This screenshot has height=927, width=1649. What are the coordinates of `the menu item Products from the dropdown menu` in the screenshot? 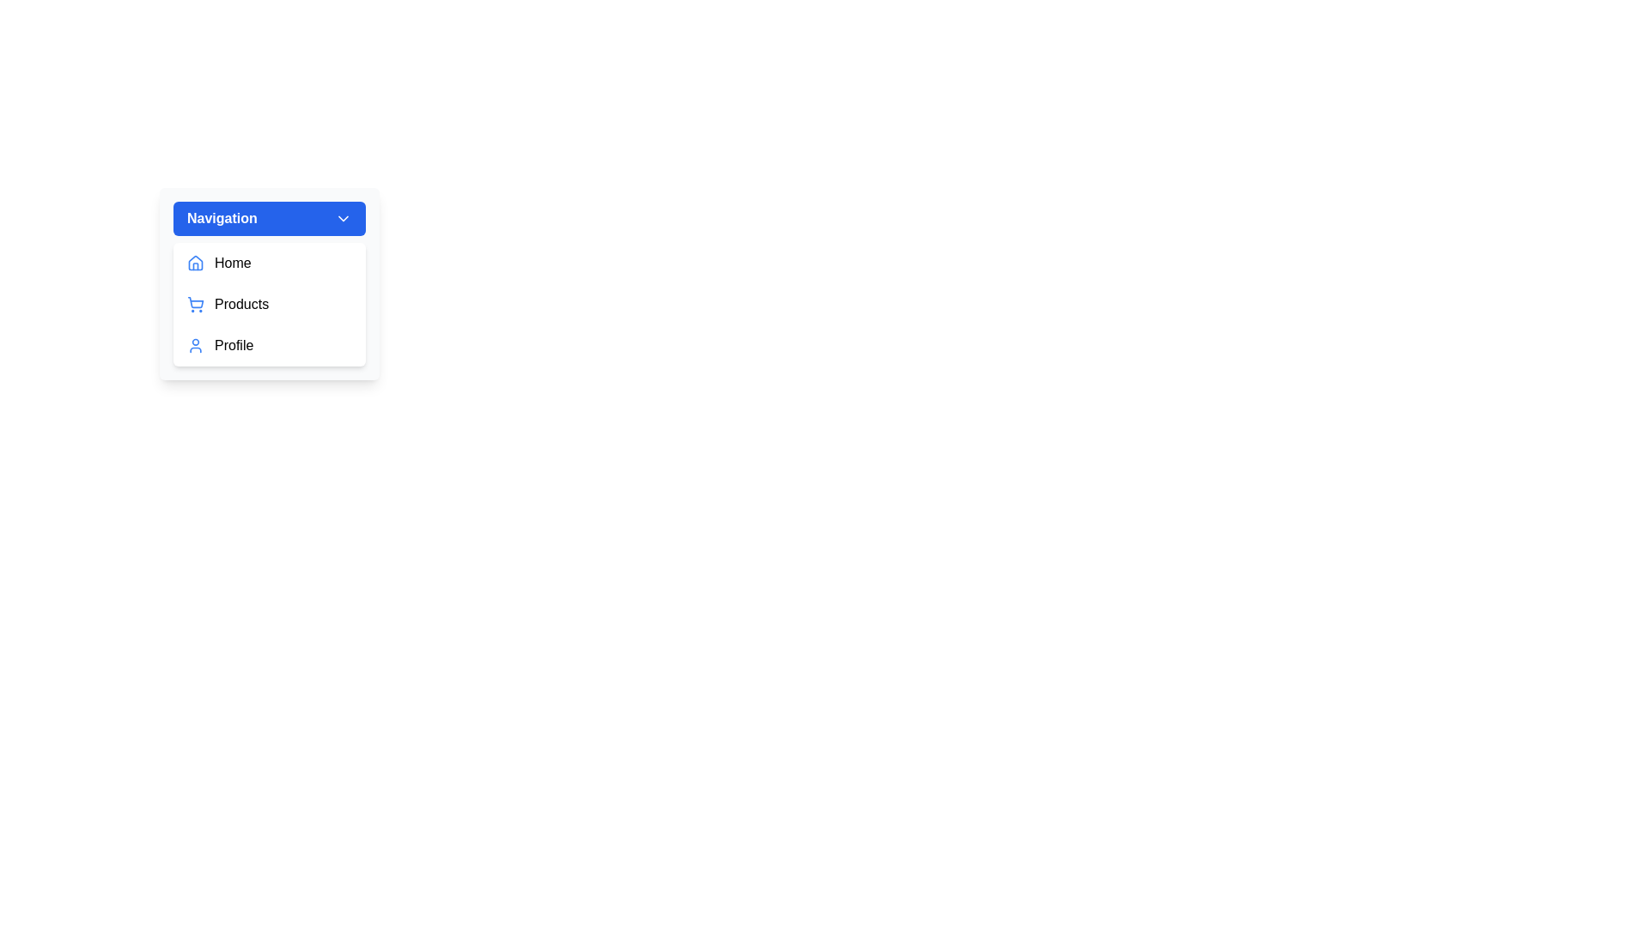 It's located at (268, 303).